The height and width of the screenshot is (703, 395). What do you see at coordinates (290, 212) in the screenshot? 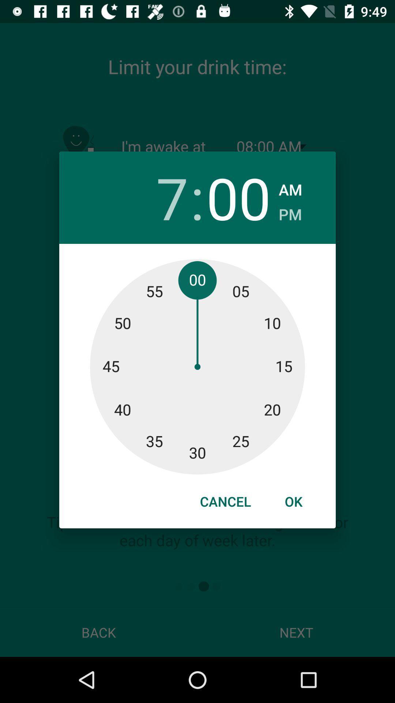
I see `the pm` at bounding box center [290, 212].